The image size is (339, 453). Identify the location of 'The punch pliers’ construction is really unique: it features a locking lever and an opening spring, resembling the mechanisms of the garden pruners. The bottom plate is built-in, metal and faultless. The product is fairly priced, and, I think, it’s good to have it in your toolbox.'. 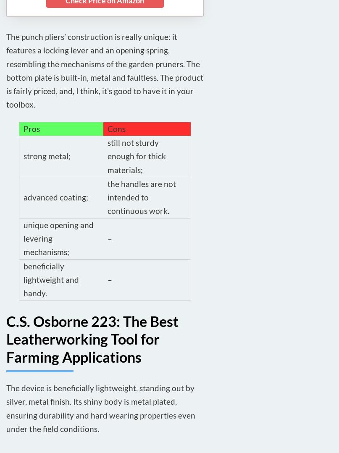
(104, 70).